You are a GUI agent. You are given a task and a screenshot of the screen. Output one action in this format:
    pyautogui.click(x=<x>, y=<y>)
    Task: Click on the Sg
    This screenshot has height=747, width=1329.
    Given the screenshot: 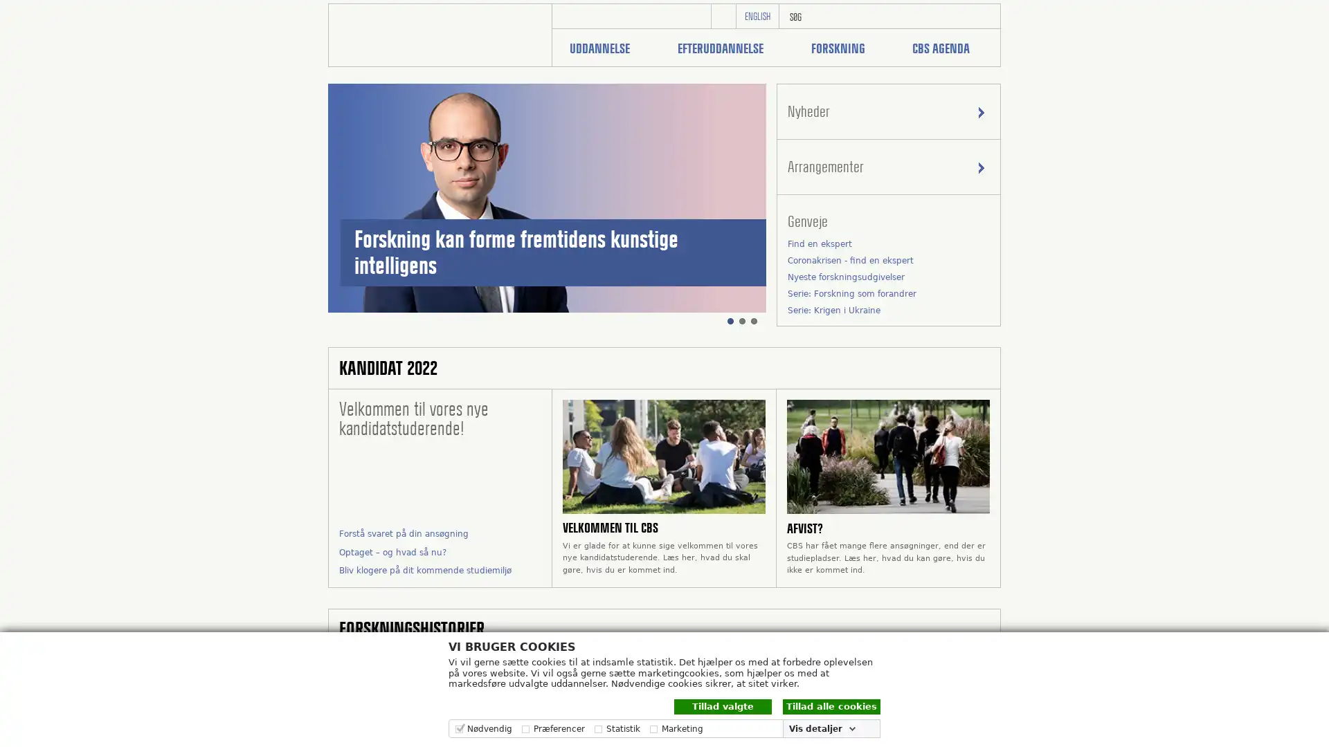 What is the action you would take?
    pyautogui.click(x=983, y=16)
    